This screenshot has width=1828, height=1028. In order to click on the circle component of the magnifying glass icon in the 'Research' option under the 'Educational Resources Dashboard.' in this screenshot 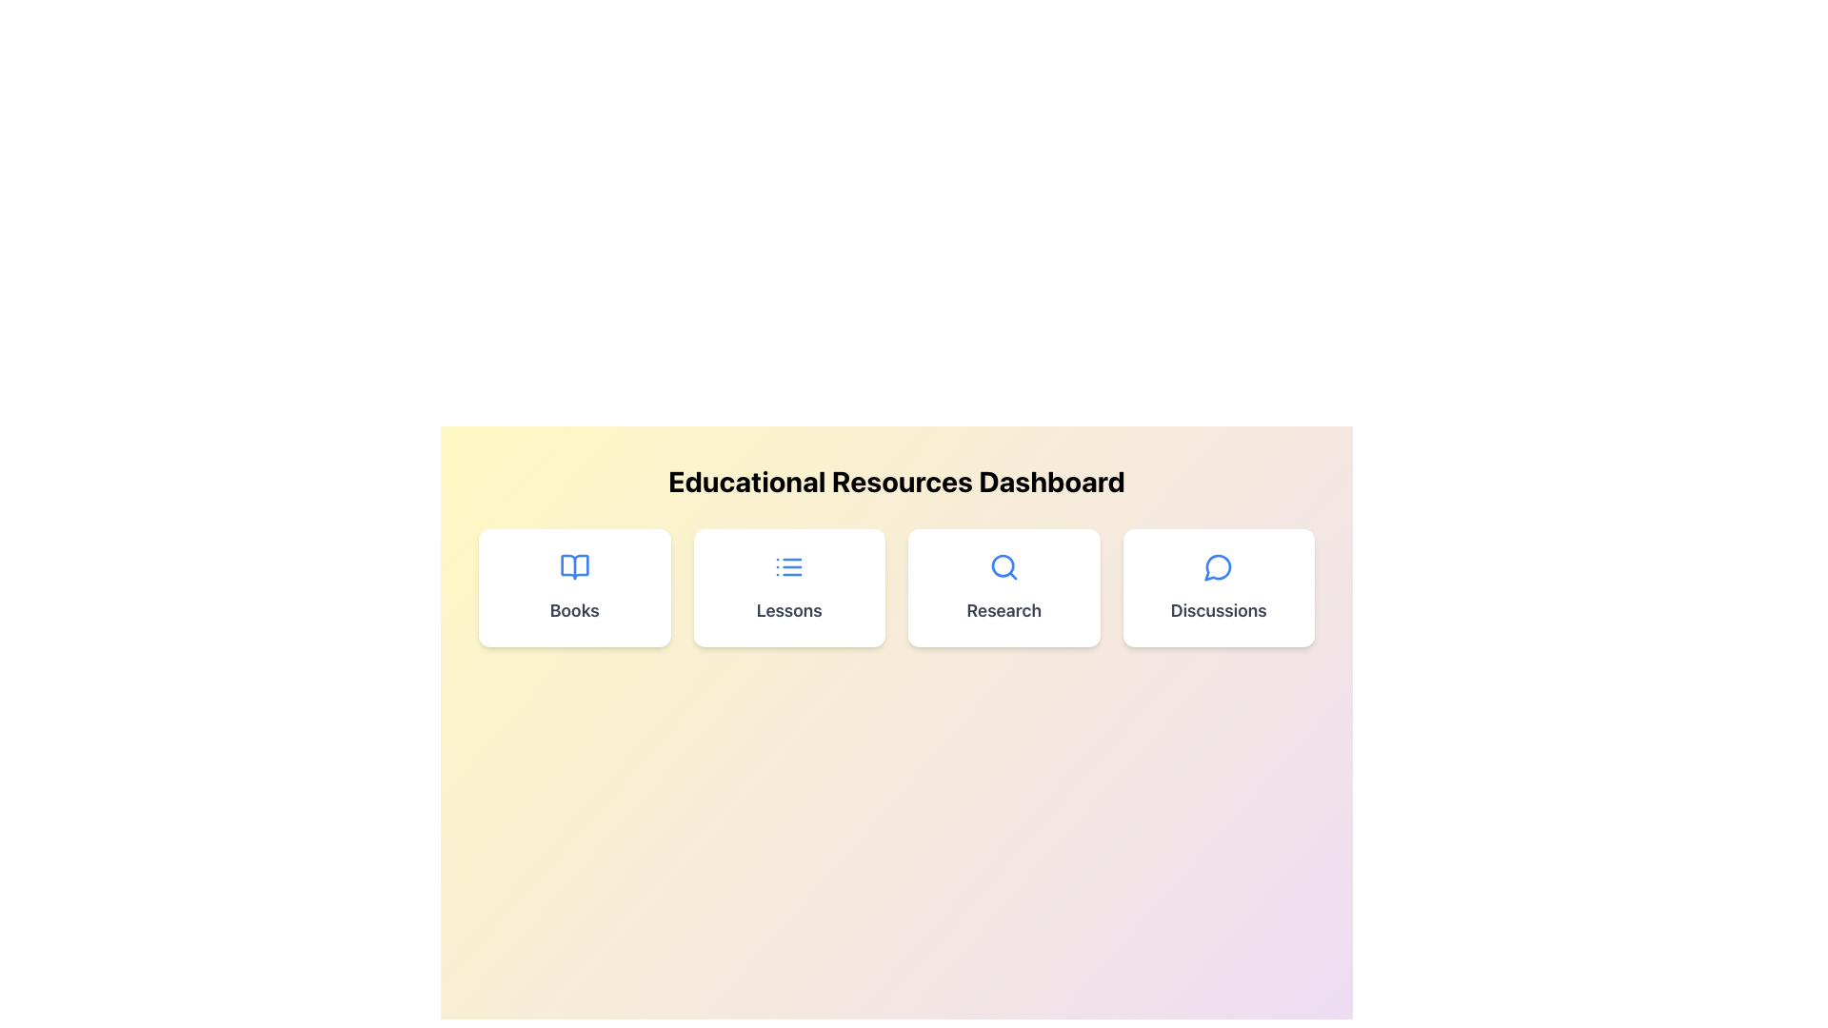, I will do `click(1002, 564)`.